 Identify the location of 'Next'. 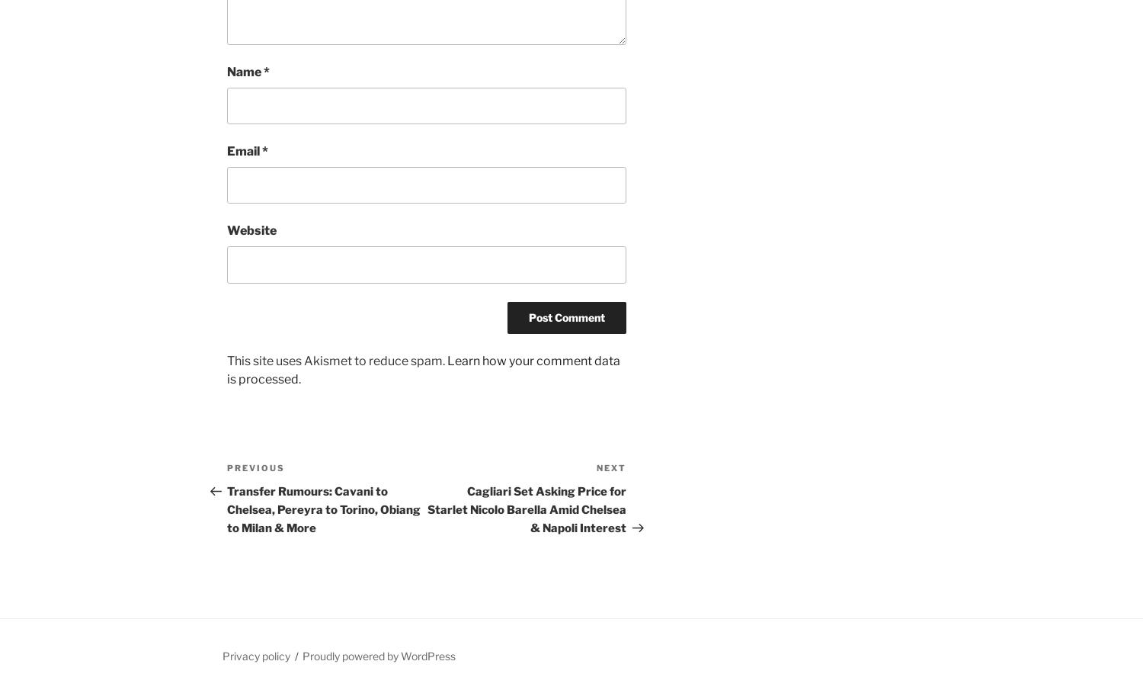
(611, 466).